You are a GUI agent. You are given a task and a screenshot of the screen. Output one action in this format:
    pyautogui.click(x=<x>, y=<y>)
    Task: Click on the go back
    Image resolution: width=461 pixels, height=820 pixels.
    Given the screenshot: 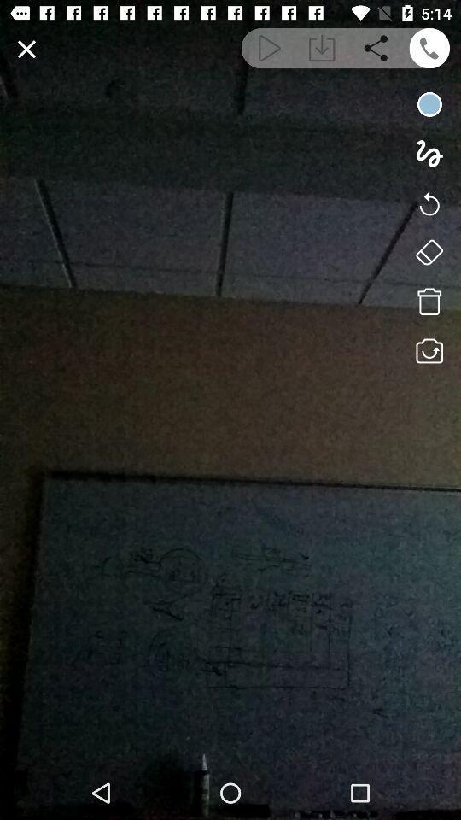 What is the action you would take?
    pyautogui.click(x=429, y=202)
    